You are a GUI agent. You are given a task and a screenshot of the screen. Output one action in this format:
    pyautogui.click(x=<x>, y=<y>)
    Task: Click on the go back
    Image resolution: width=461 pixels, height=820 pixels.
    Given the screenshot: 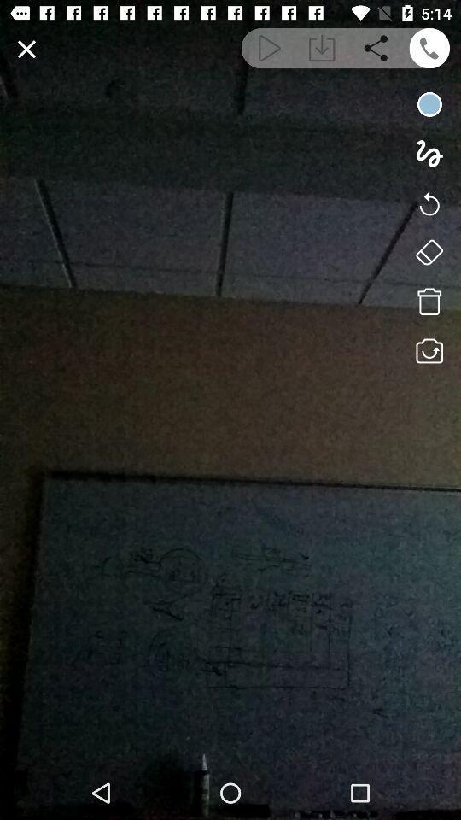 What is the action you would take?
    pyautogui.click(x=429, y=202)
    